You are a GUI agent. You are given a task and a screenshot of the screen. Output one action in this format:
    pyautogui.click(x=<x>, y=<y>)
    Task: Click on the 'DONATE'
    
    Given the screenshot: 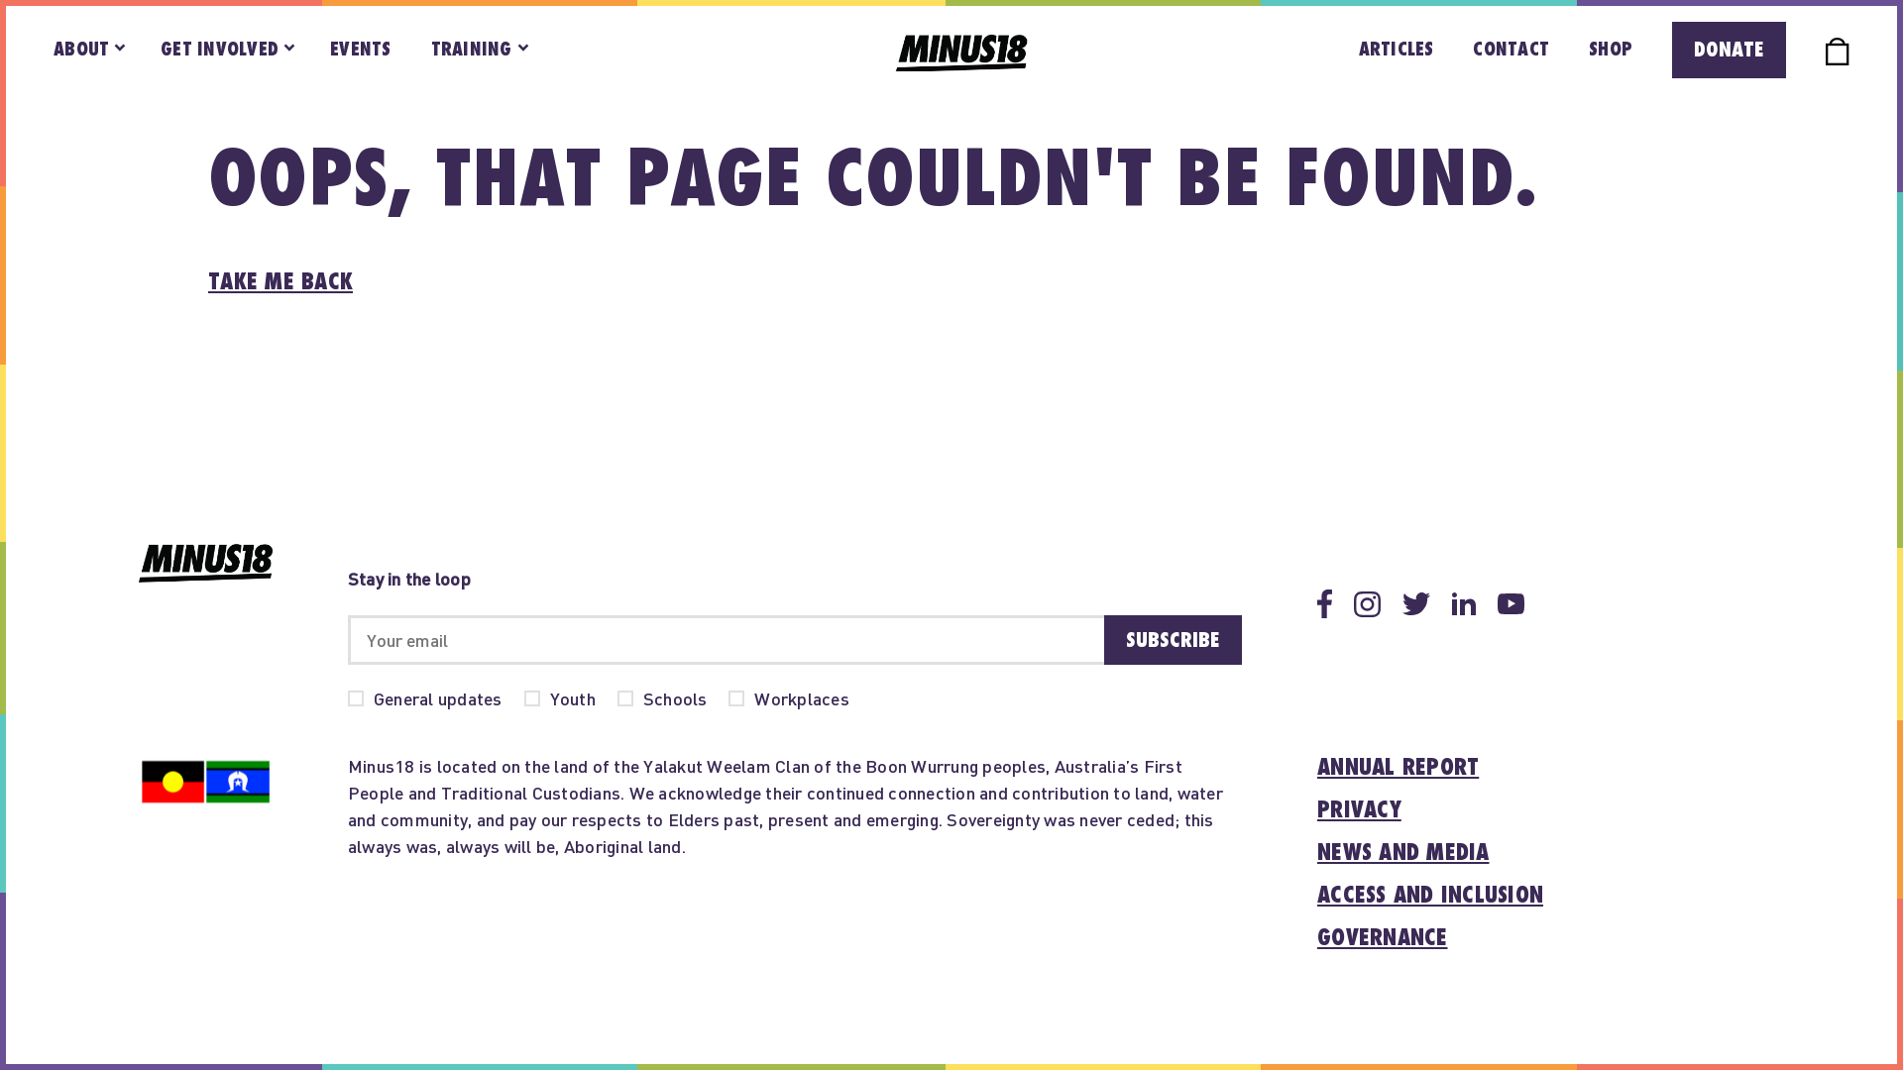 What is the action you would take?
    pyautogui.click(x=1670, y=49)
    